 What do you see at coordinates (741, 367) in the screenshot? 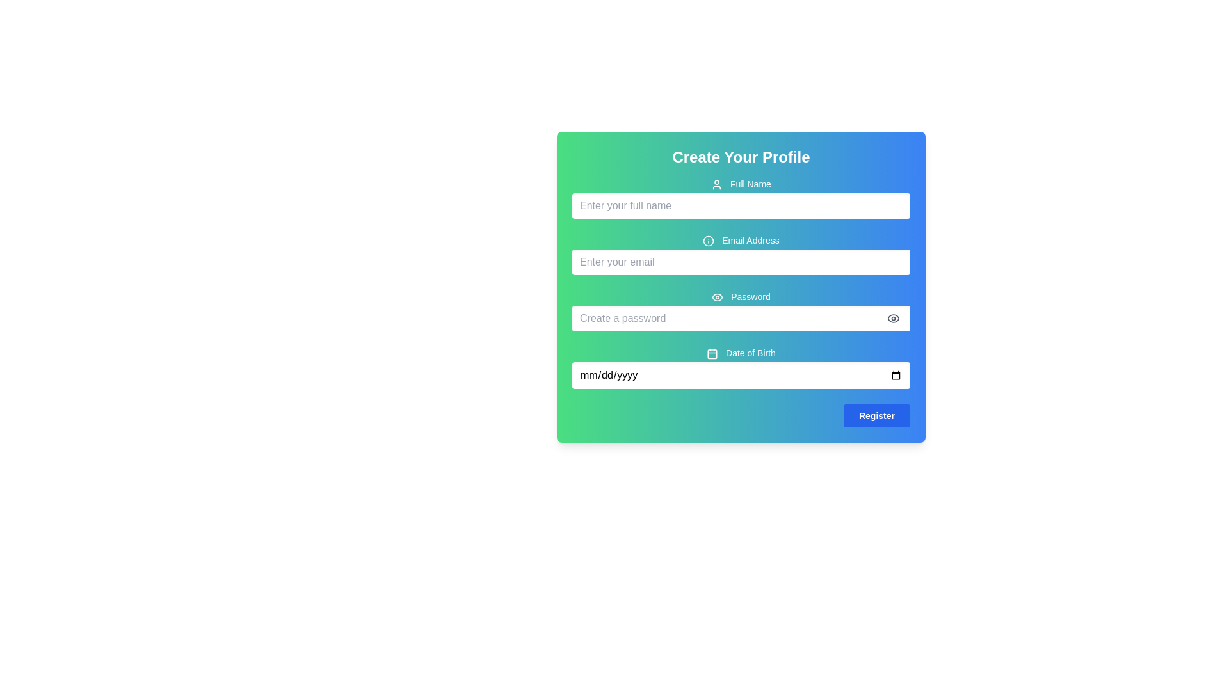
I see `the 'Date of Birth' text input field with a date picker to focus on it` at bounding box center [741, 367].